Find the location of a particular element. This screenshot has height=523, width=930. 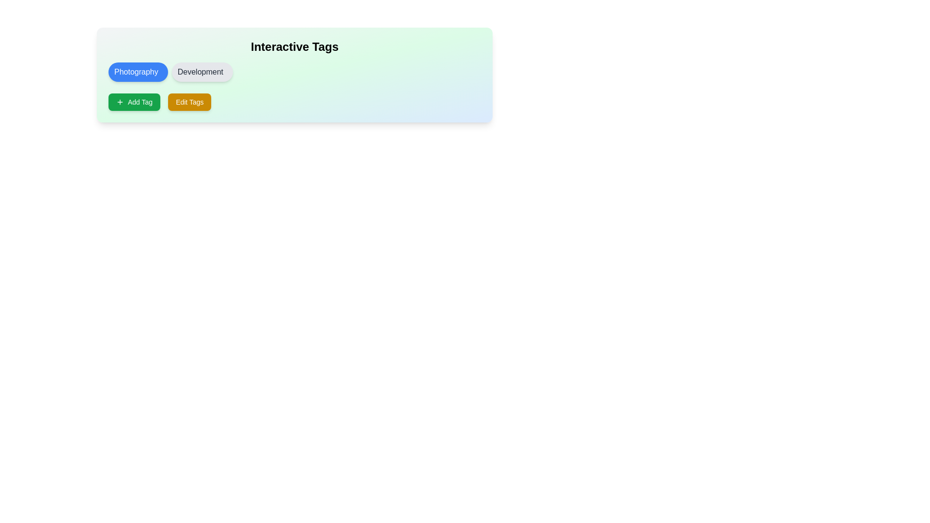

the leftmost button in the 'Interactive Tags' section, which represents the 'Photography' category is located at coordinates (138, 72).